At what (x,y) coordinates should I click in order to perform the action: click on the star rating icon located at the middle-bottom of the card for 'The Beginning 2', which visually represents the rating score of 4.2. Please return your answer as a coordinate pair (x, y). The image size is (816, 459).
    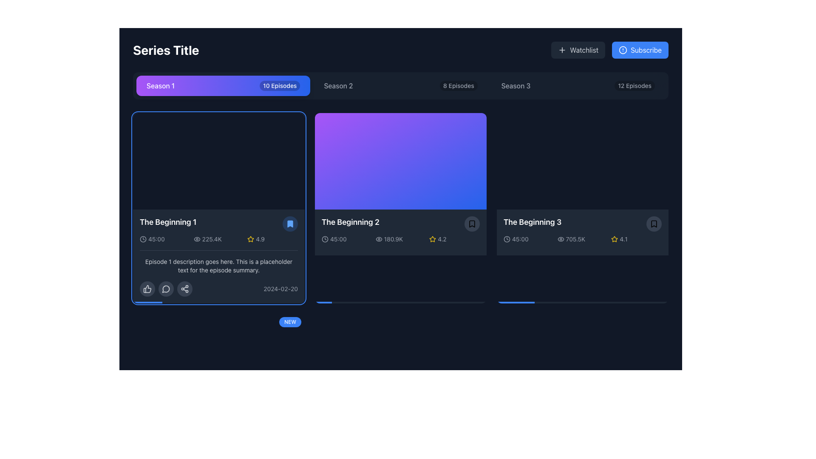
    Looking at the image, I should click on (433, 239).